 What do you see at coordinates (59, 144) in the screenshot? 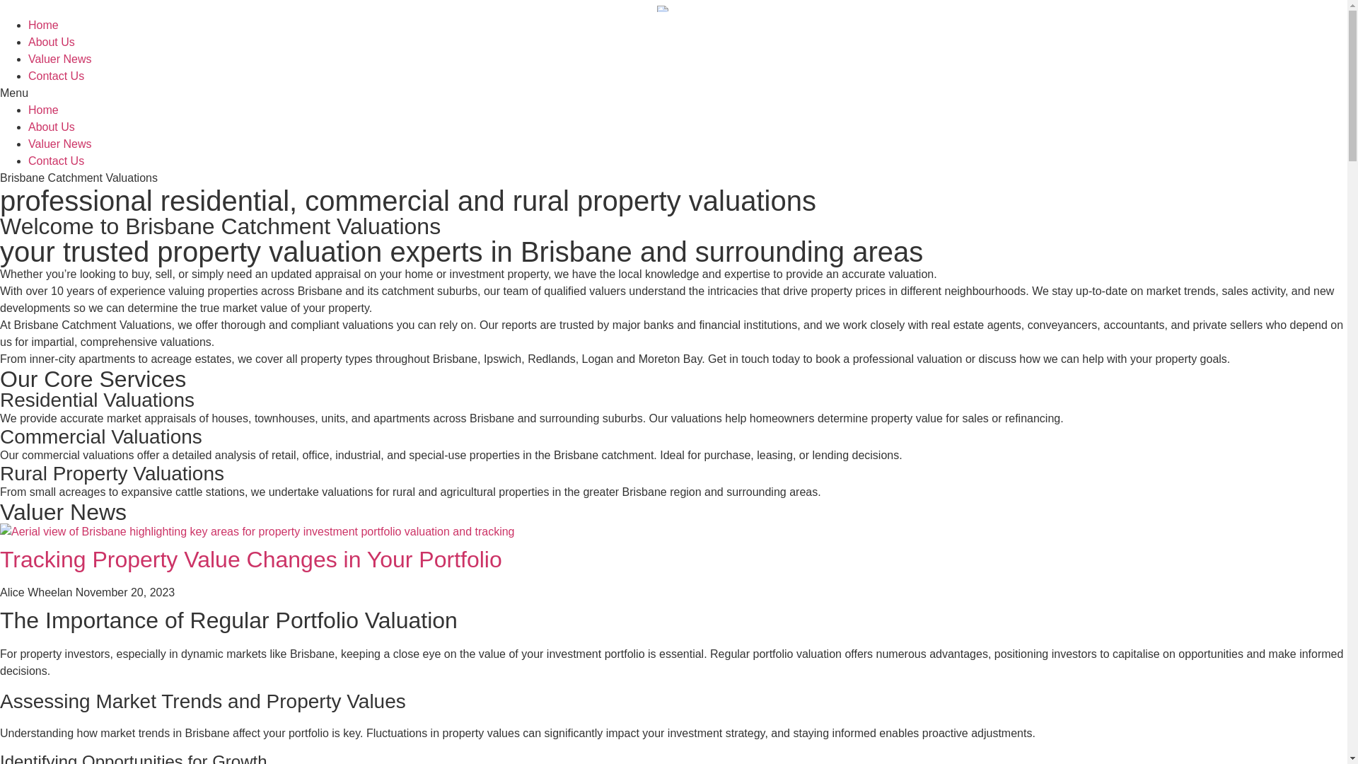
I see `'Valuer News'` at bounding box center [59, 144].